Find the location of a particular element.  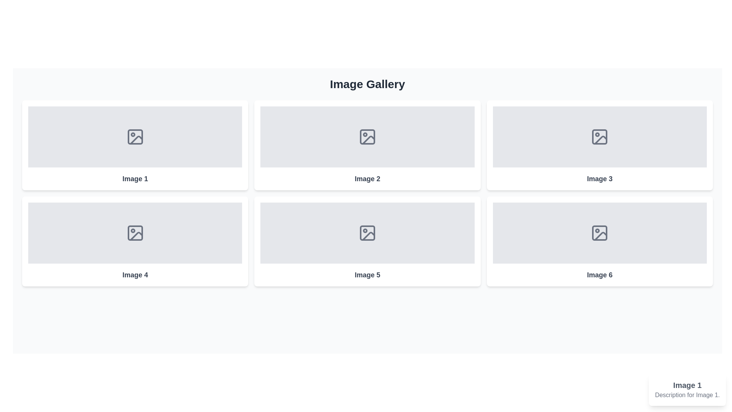

the image icon with a simple line design, featuring a rectangle with rounded corners and a wave-like line along with a circular dot, located at the center of the placeholder labeled 'Image 6' in the bottom-right corner of the image grid is located at coordinates (599, 232).